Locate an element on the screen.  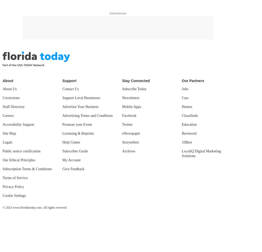
'© 2023 www.floridatoday.com. All rights reserved.' is located at coordinates (35, 208).